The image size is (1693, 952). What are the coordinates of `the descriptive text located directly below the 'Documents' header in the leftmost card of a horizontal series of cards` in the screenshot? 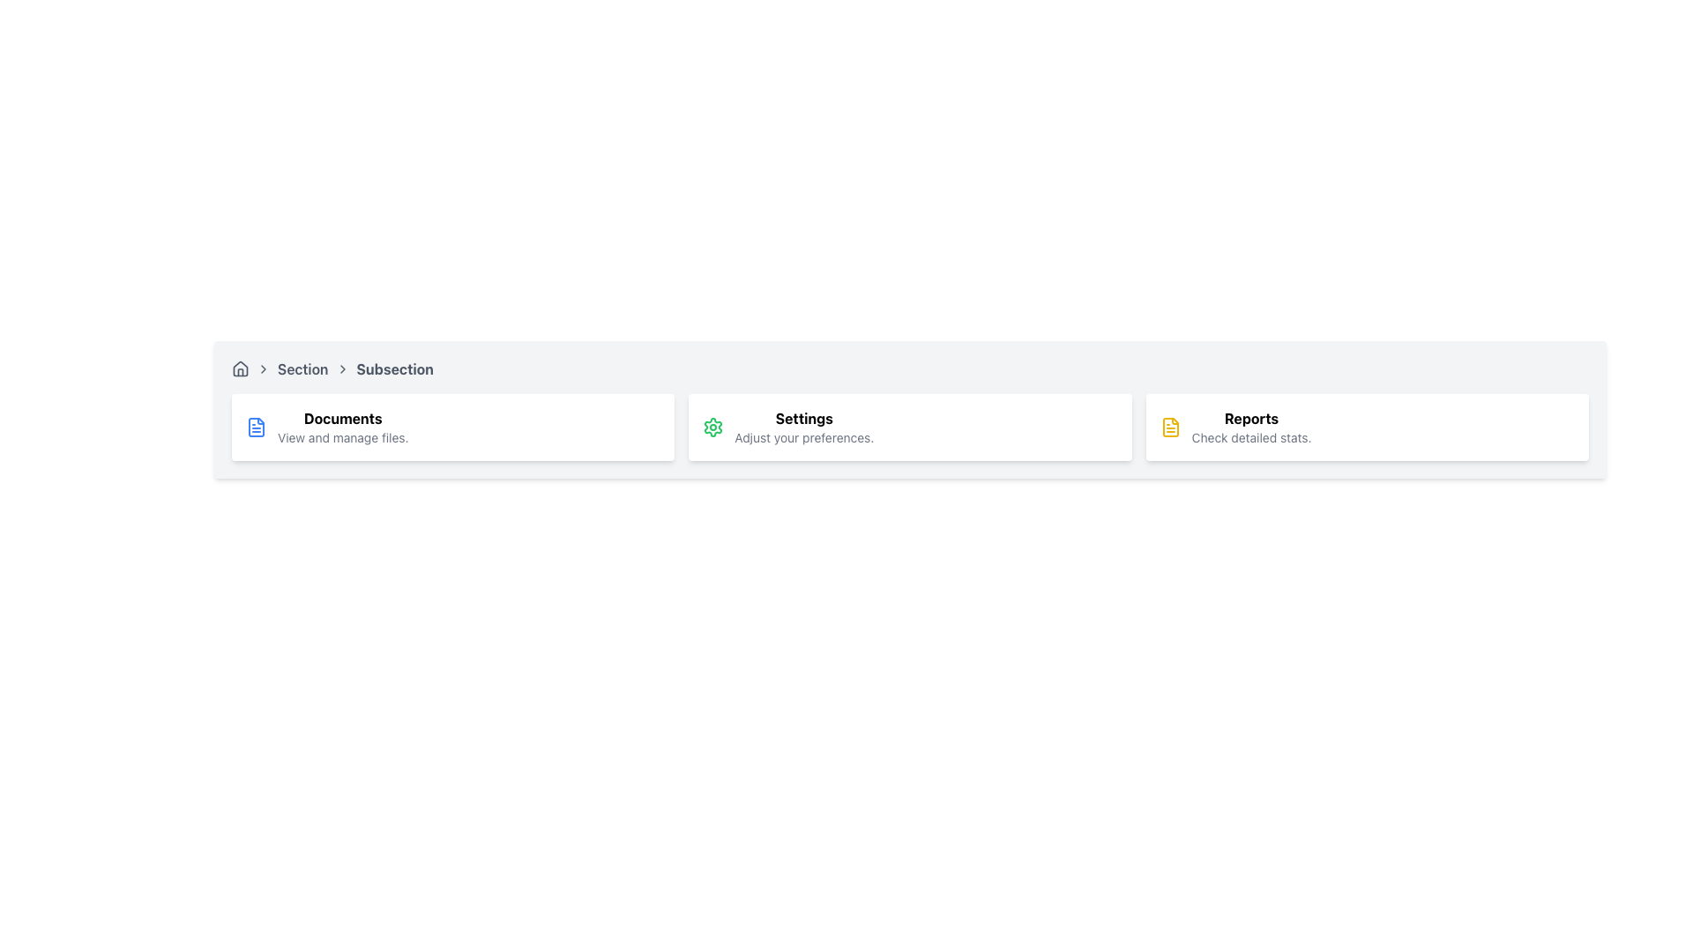 It's located at (343, 437).